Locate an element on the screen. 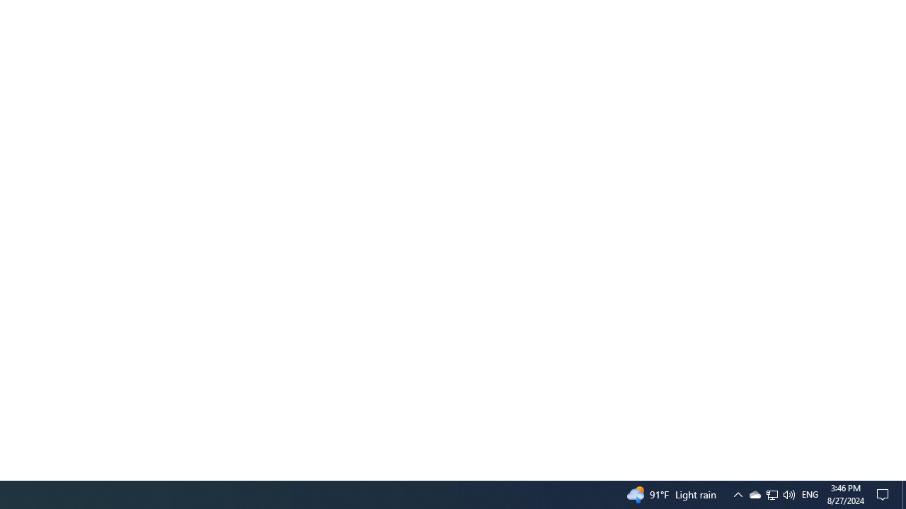 The image size is (906, 509). 'User Promoted Notification Area' is located at coordinates (771, 493).